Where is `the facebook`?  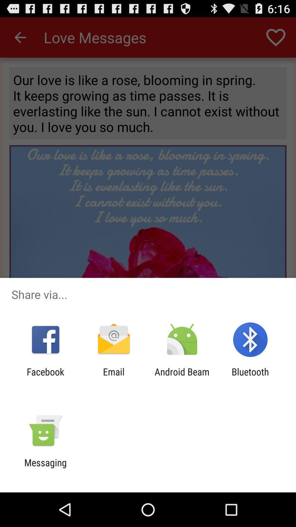 the facebook is located at coordinates (45, 377).